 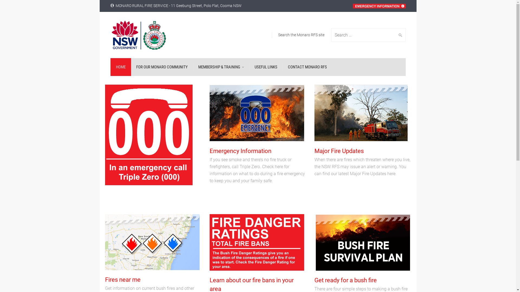 What do you see at coordinates (121, 67) in the screenshot?
I see `'HOME'` at bounding box center [121, 67].